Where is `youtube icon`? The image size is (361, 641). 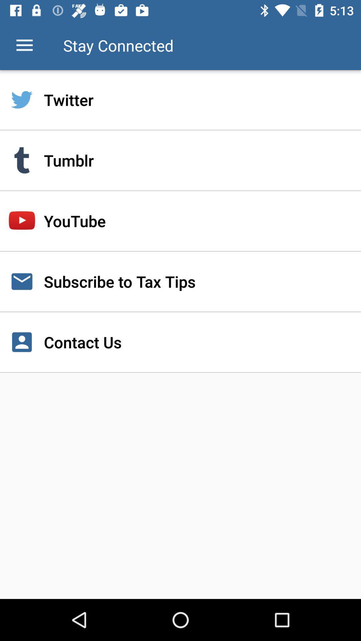 youtube icon is located at coordinates (180, 221).